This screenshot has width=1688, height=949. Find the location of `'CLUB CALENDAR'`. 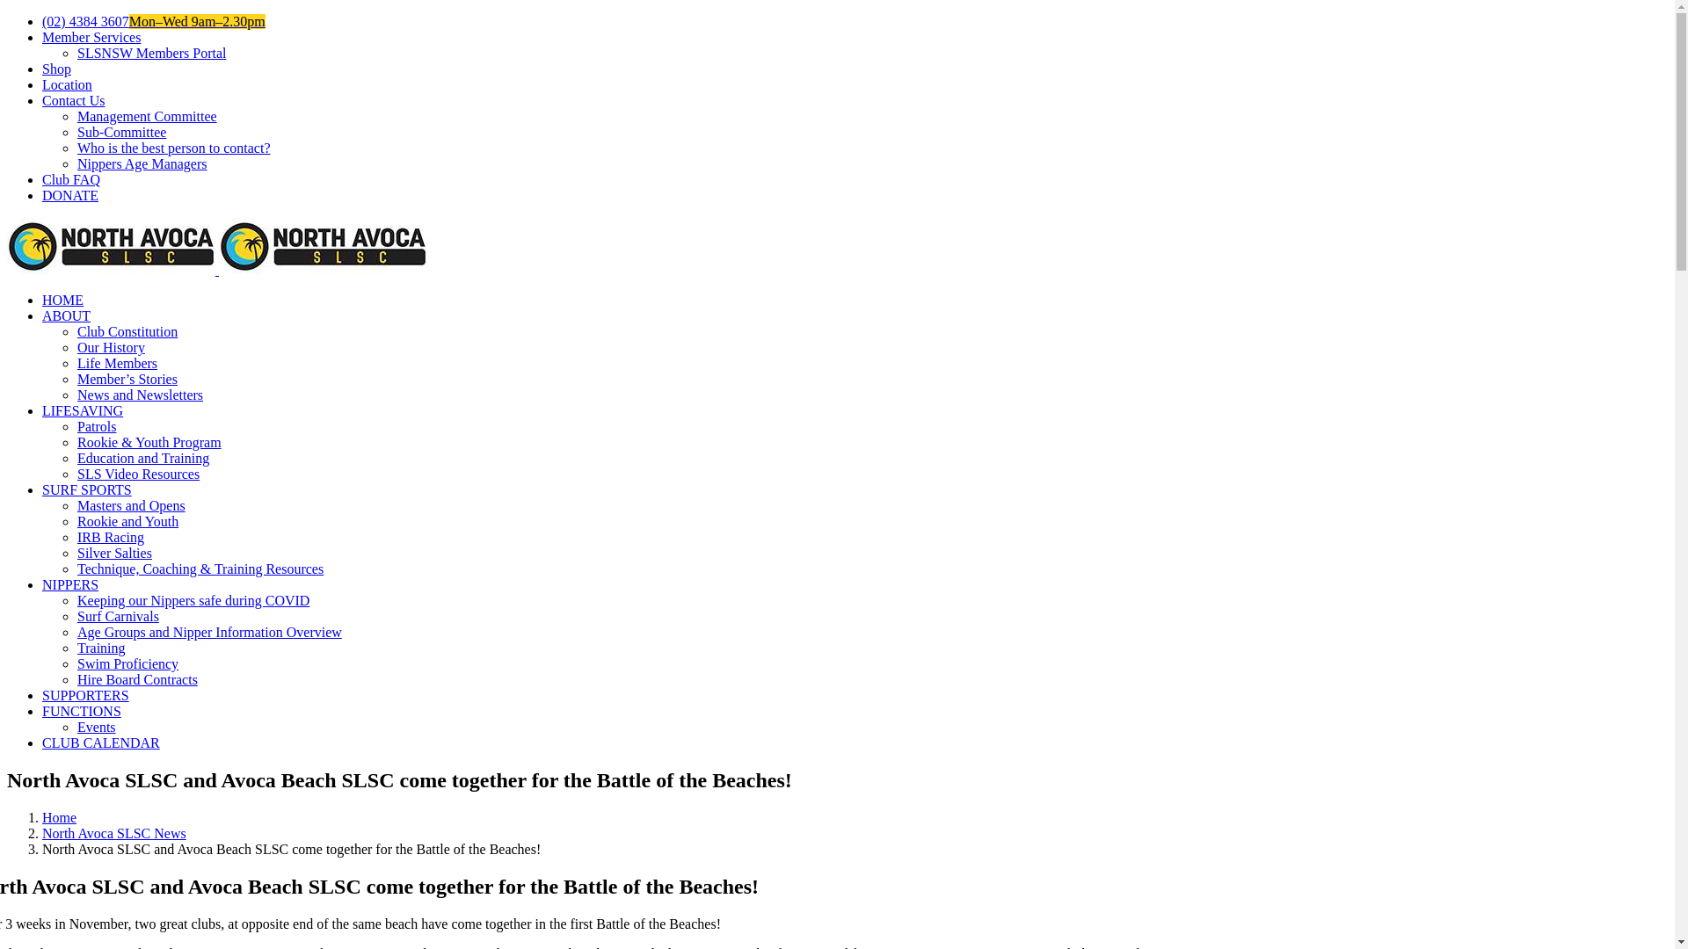

'CLUB CALENDAR' is located at coordinates (100, 743).